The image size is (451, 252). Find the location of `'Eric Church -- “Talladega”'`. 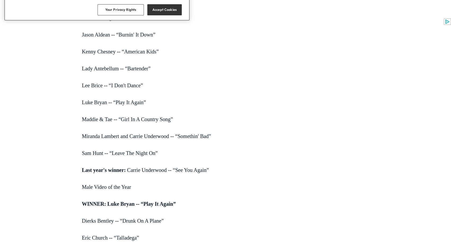

'Eric Church -- “Talladega”' is located at coordinates (110, 237).